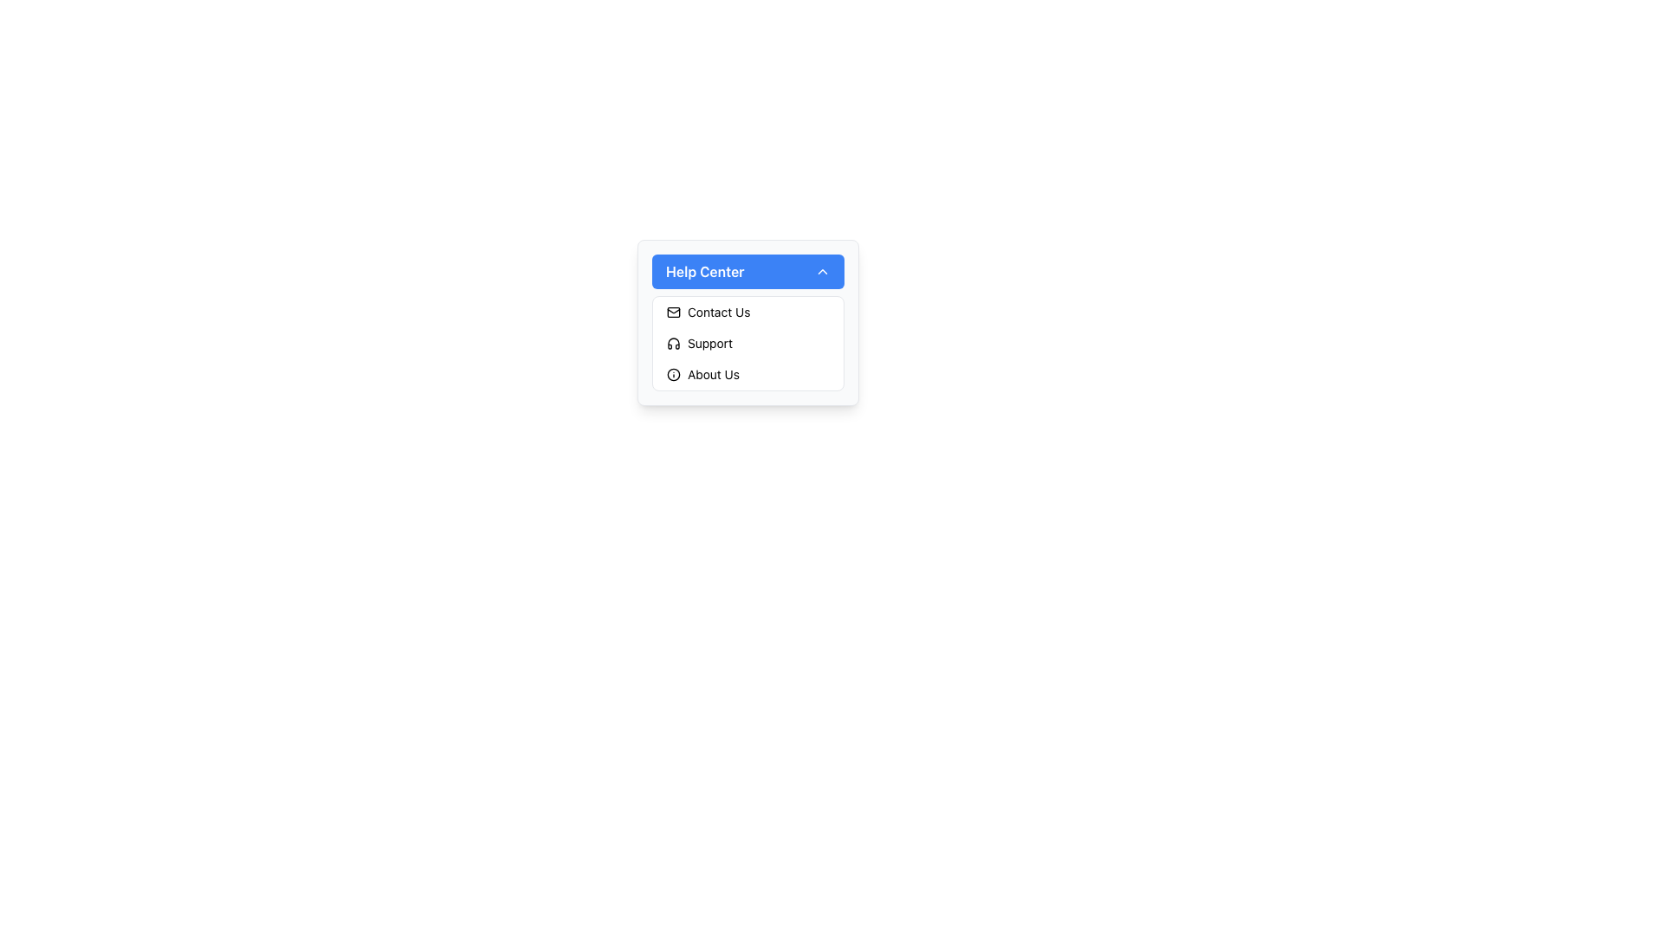  I want to click on the second item in the dropdown menu under 'Contact Us' which serves as a button, so click(748, 344).